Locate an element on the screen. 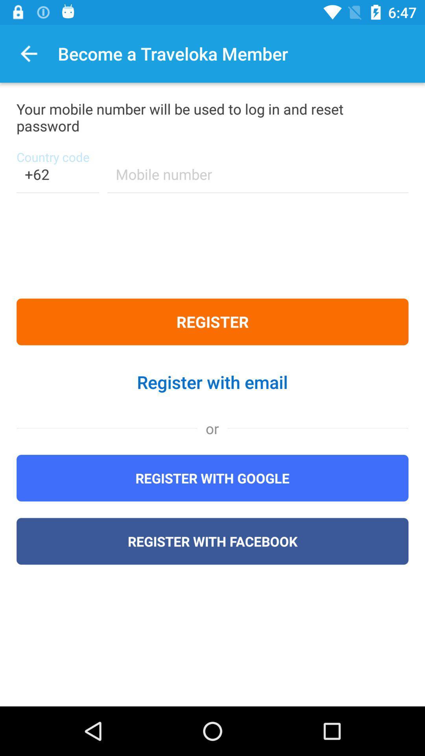 Image resolution: width=425 pixels, height=756 pixels. item above the register is located at coordinates (57, 179).